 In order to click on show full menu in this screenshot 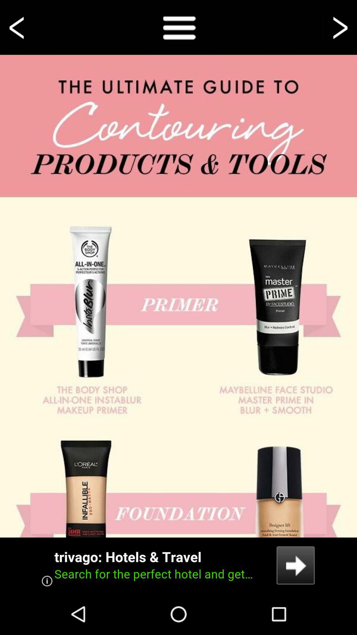, I will do `click(178, 27)`.